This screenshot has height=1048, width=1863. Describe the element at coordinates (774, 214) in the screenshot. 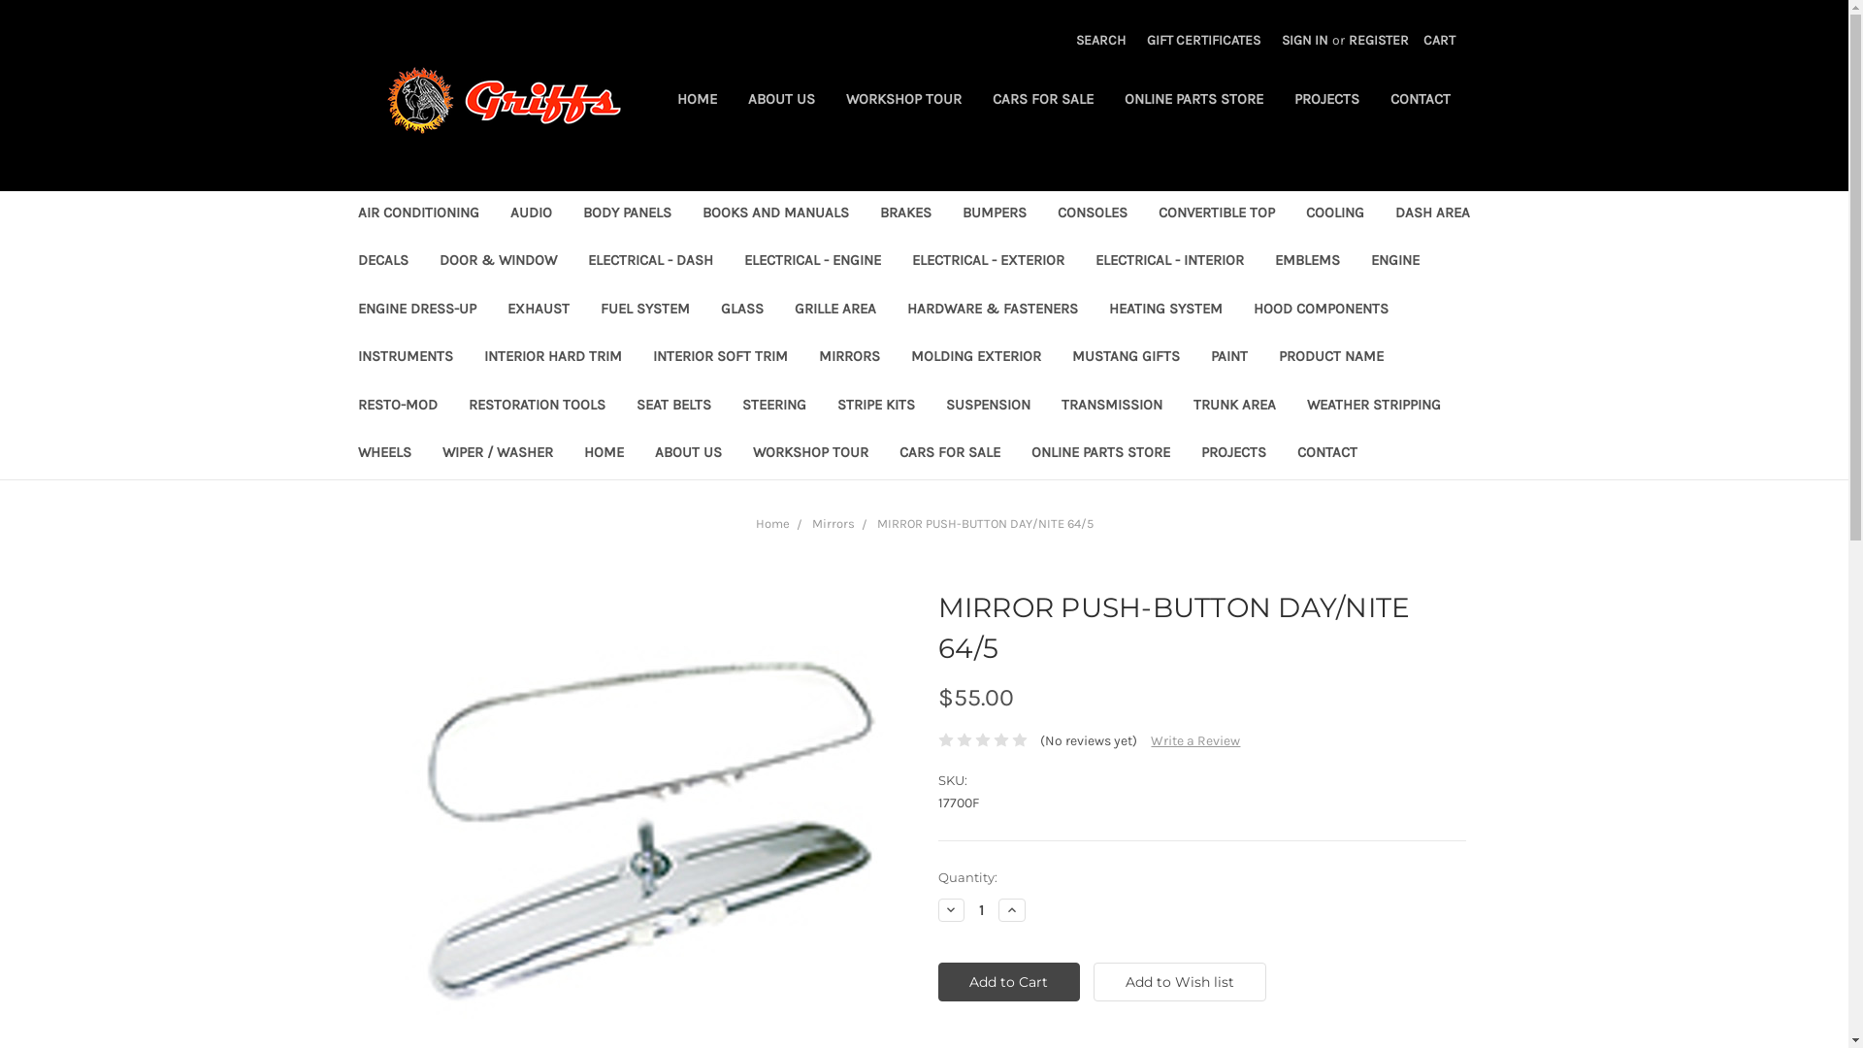

I see `'BOOKS AND MANUALS'` at that location.